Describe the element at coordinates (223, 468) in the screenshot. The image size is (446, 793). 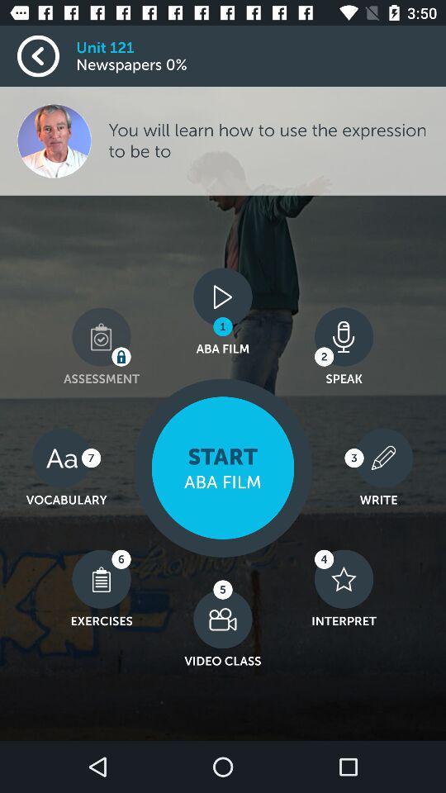
I see `the item next to the 3` at that location.